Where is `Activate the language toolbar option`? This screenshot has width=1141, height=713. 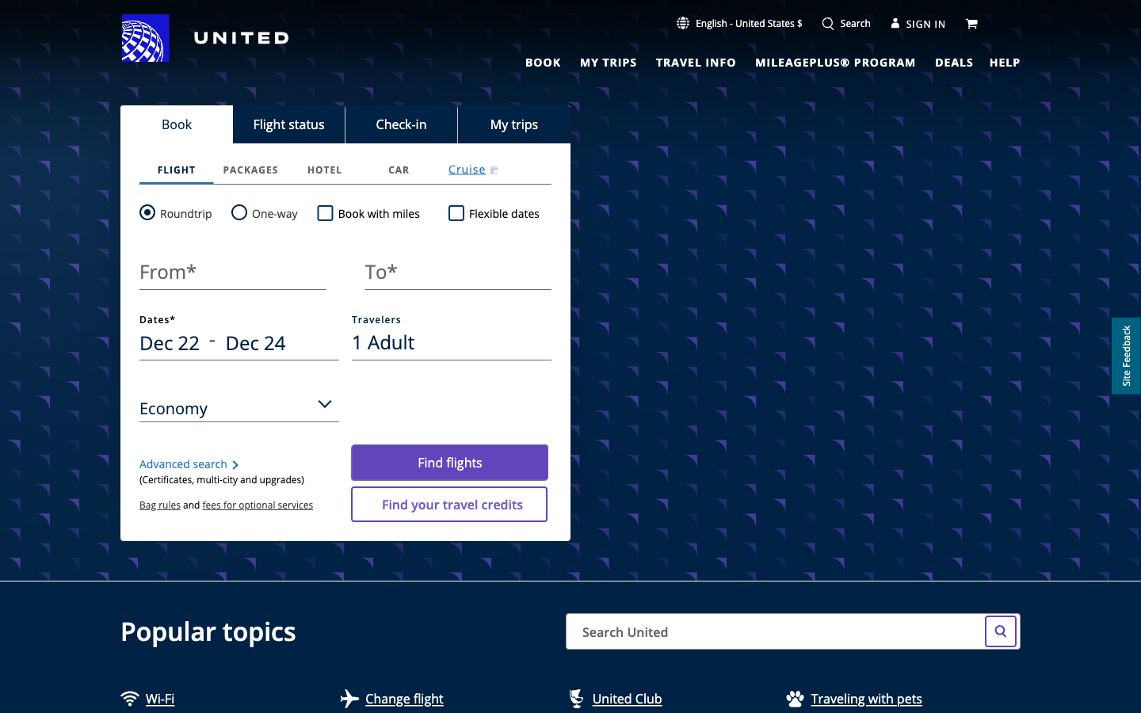
Activate the language toolbar option is located at coordinates (739, 22).